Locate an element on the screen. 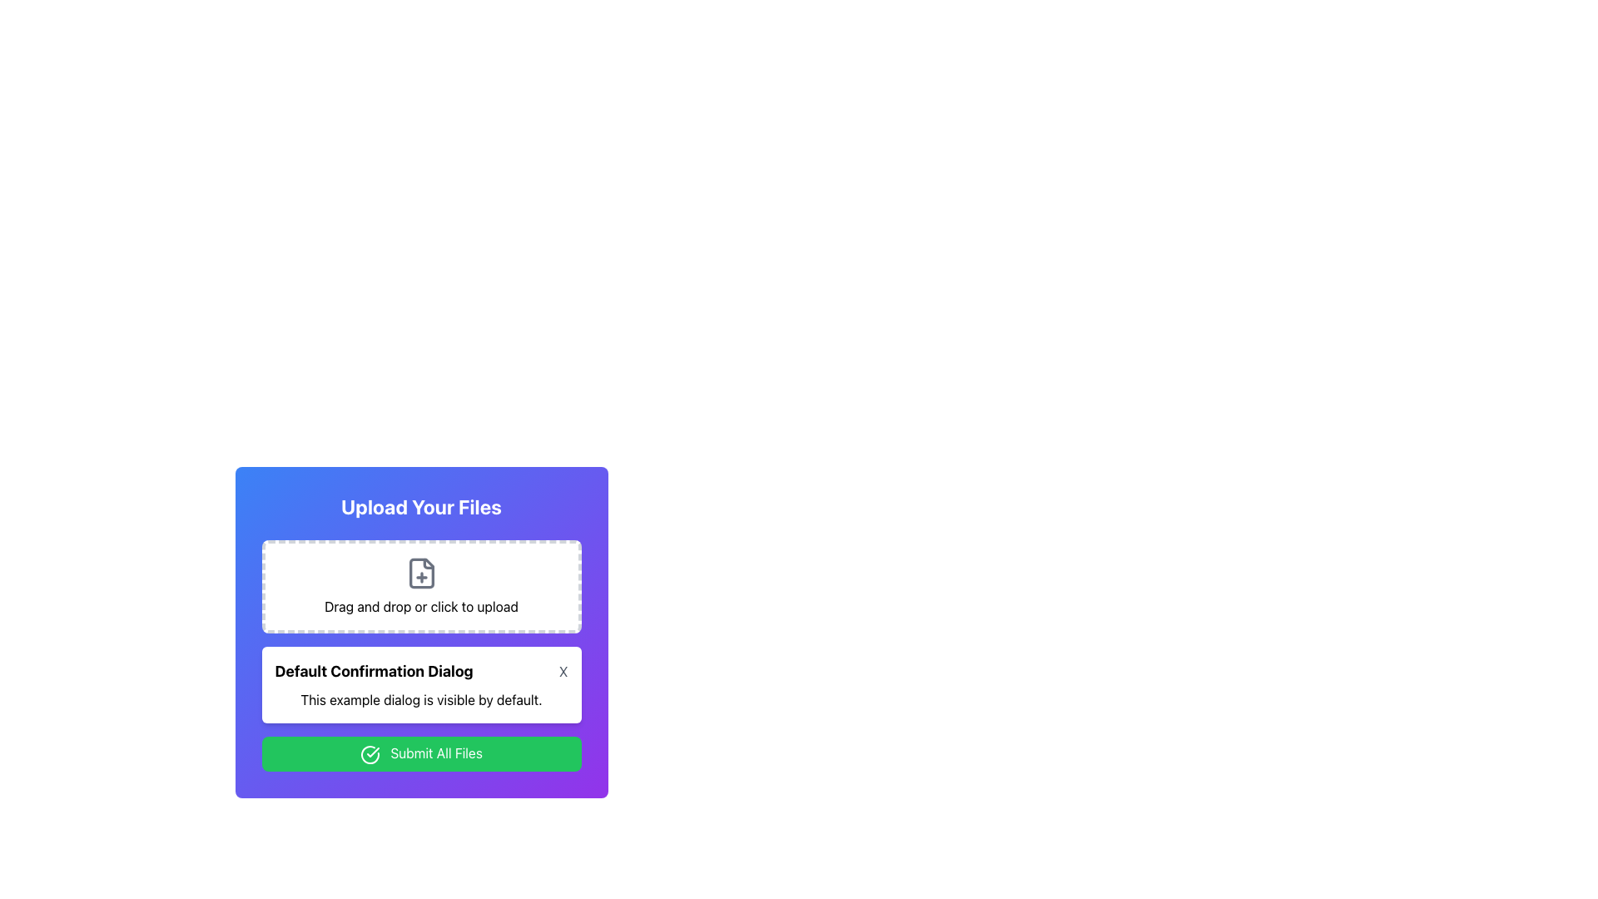  the 'Upload Your Files' area in the pop-up styled UI component is located at coordinates (421, 632).